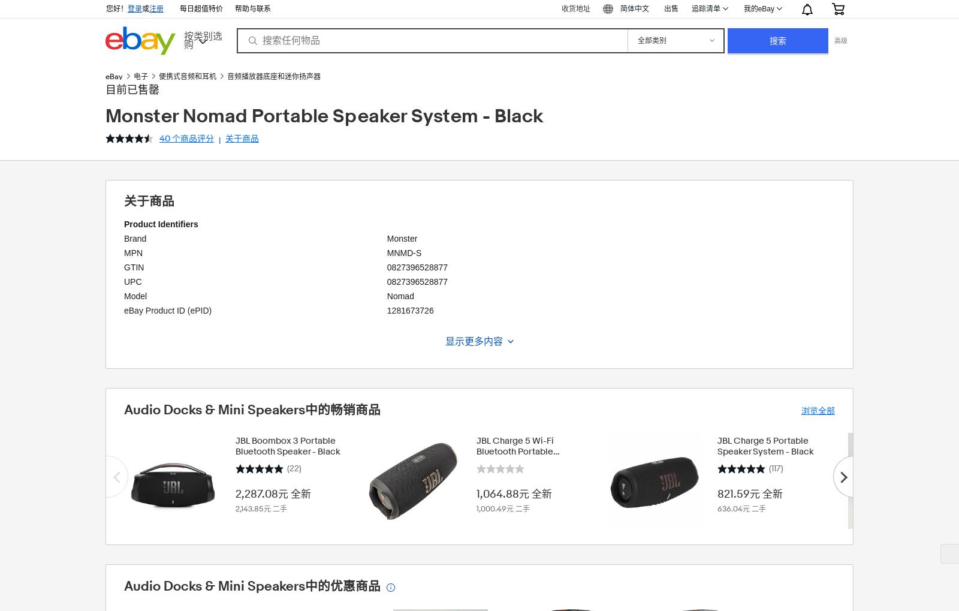  I want to click on 'Connectivity', so click(146, 407).